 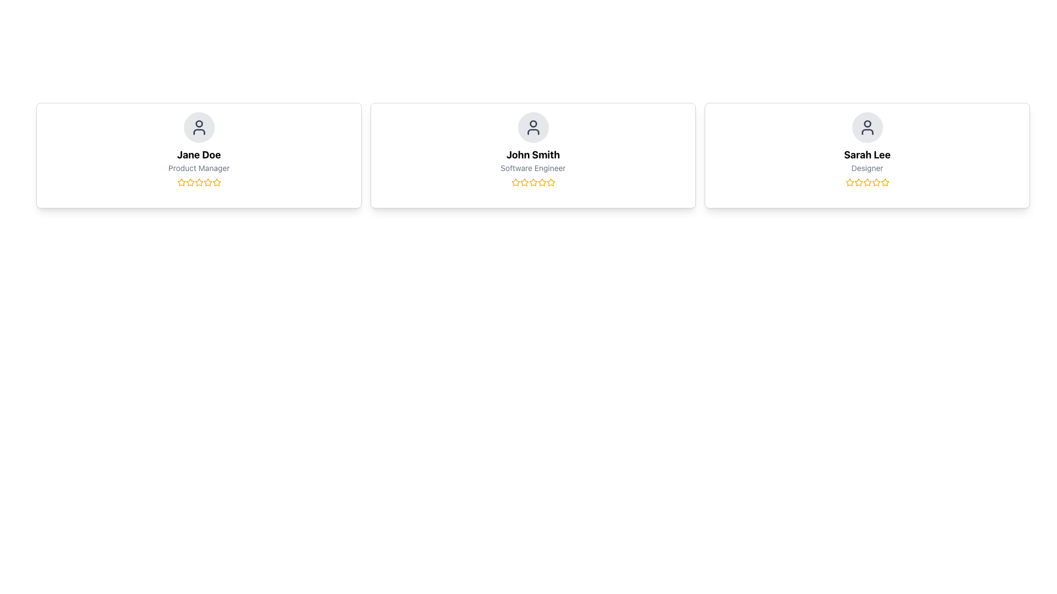 I want to click on the first star in the rating system associated with 'Sarah Lee' to interact with the rating, so click(x=849, y=182).